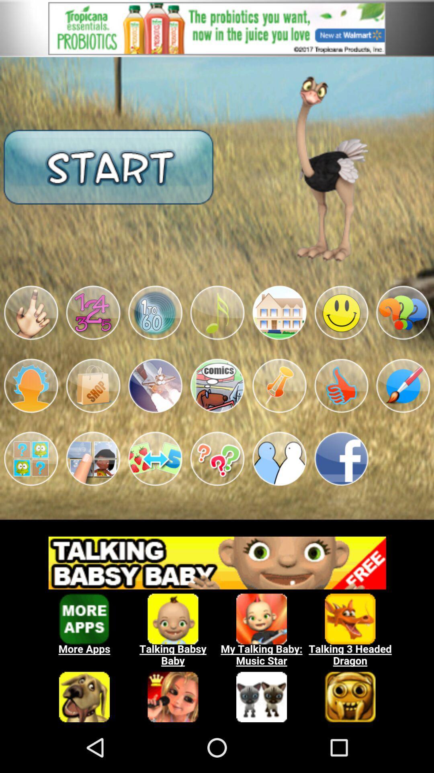 The height and width of the screenshot is (773, 434). Describe the element at coordinates (341, 335) in the screenshot. I see `the emoji icon` at that location.